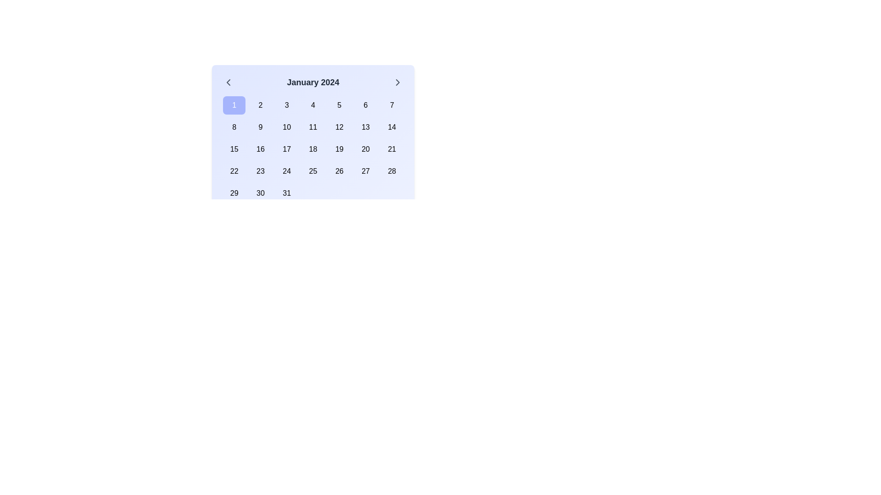 The height and width of the screenshot is (495, 881). Describe the element at coordinates (392, 149) in the screenshot. I see `the button representing the selectable date in the last column of the third week of the calendar` at that location.